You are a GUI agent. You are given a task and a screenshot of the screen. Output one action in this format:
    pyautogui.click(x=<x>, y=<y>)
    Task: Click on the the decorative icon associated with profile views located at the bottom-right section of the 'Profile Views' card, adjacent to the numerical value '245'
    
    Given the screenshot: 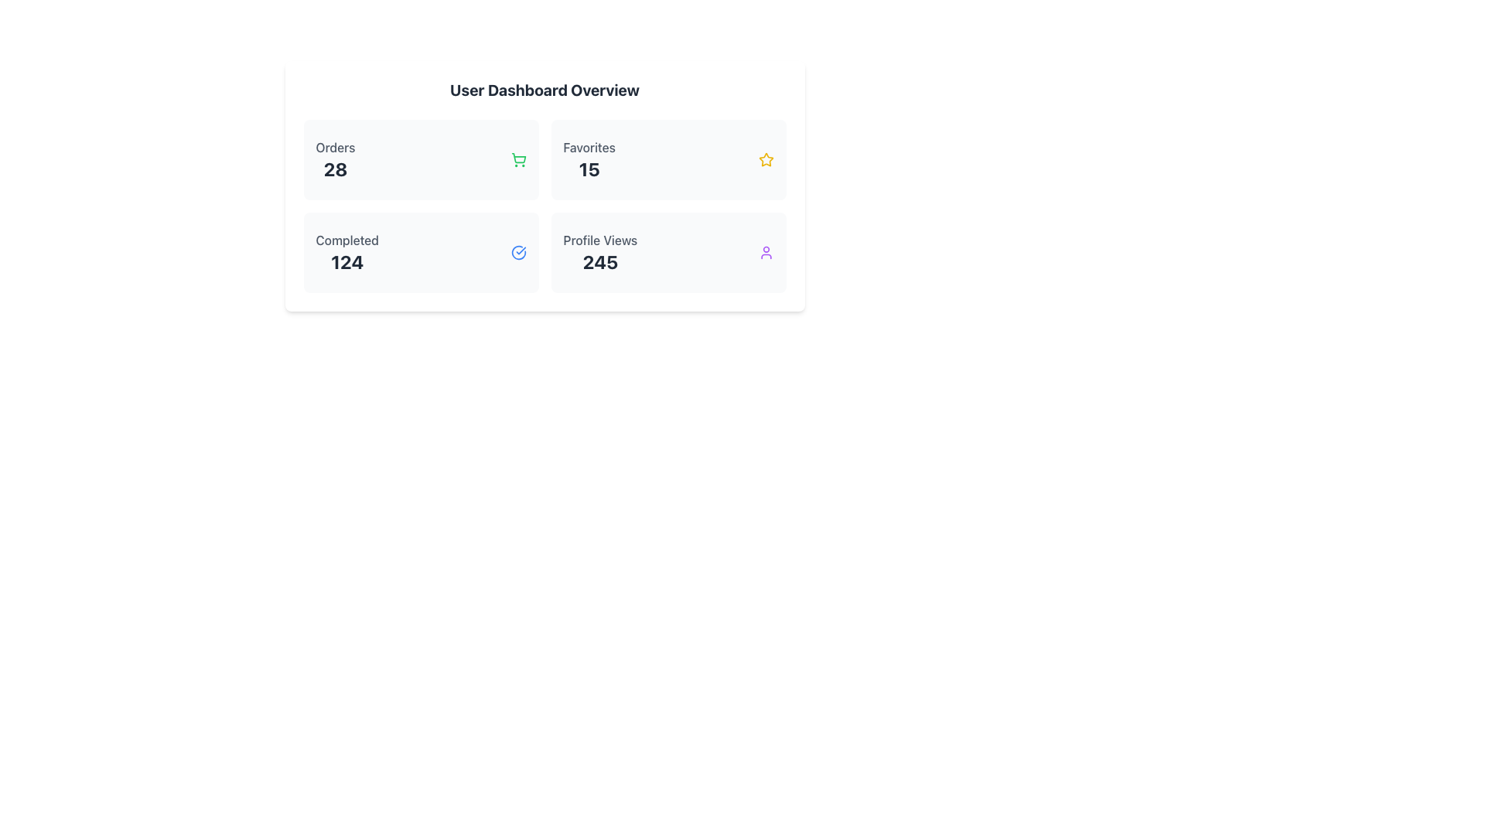 What is the action you would take?
    pyautogui.click(x=766, y=252)
    